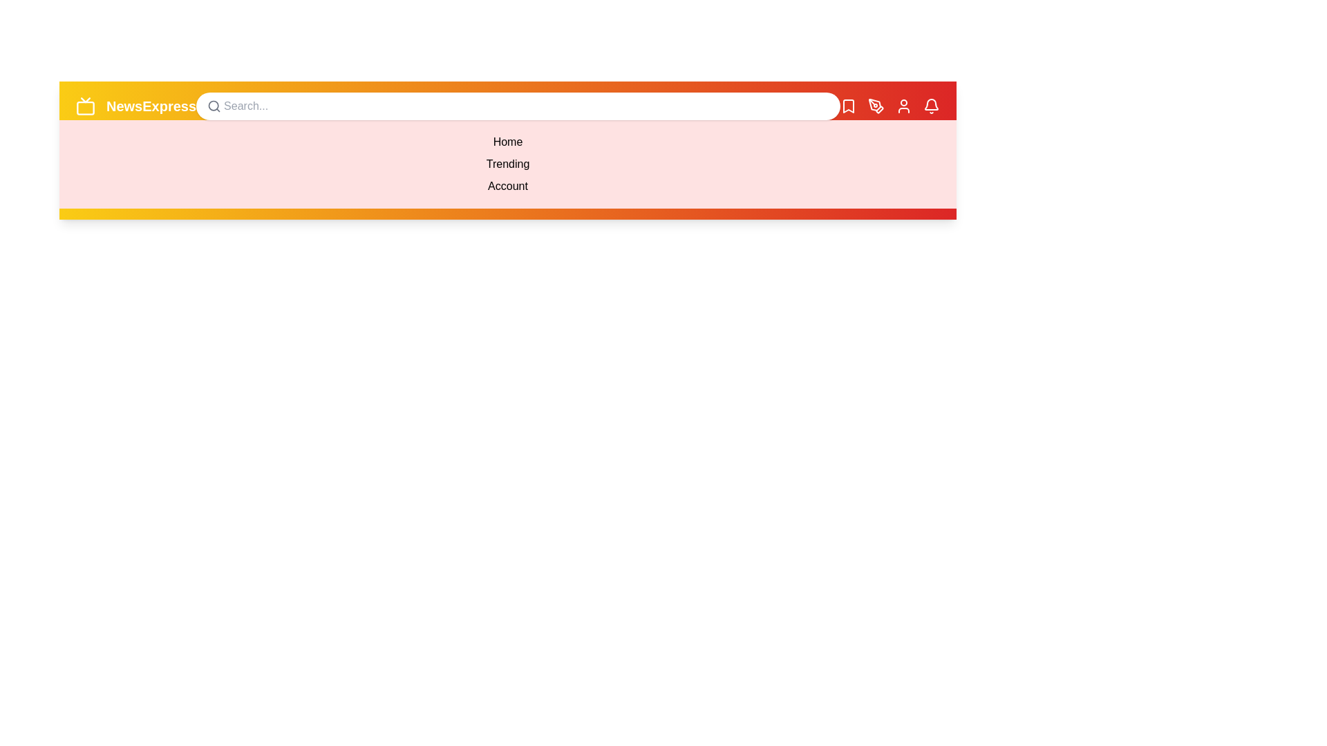 This screenshot has height=746, width=1327. What do you see at coordinates (507, 142) in the screenshot?
I see `the menu item Home from the dropdown menu` at bounding box center [507, 142].